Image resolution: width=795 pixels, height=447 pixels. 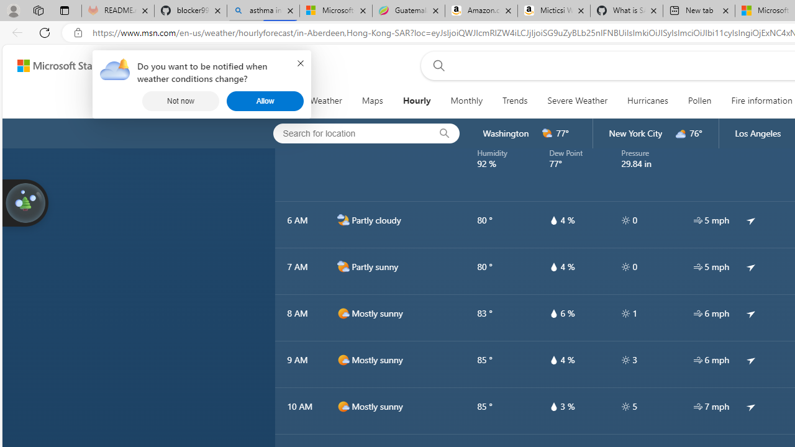 What do you see at coordinates (553, 406) in the screenshot?
I see `'hourlyTable/drop'` at bounding box center [553, 406].